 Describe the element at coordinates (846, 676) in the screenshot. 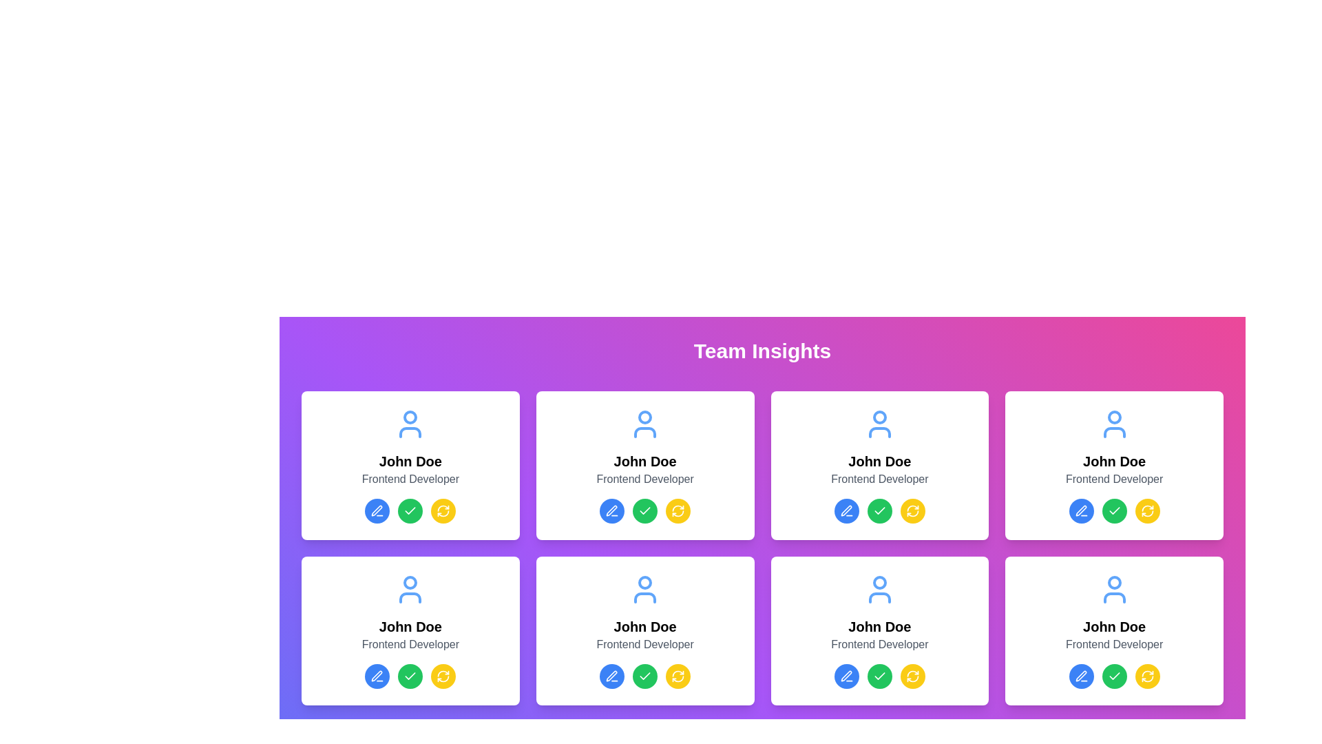

I see `the leftmost button in the second row, fourth column of the grid layout` at that location.